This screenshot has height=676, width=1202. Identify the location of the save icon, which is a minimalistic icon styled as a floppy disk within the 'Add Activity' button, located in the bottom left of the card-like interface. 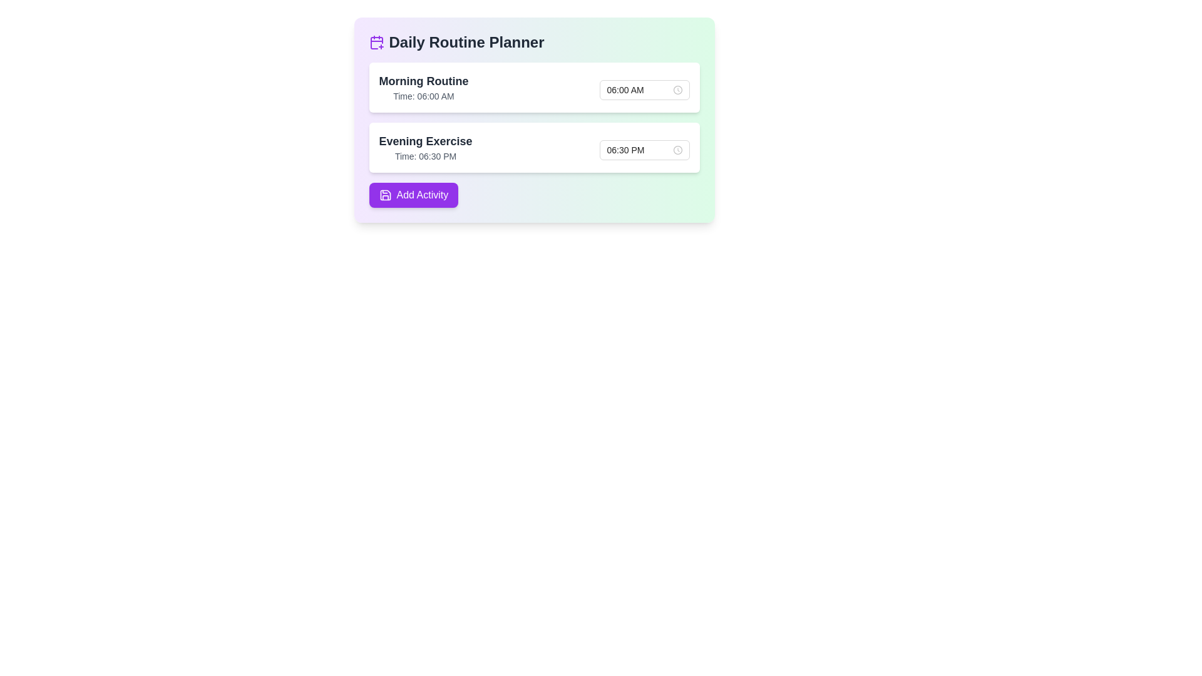
(384, 195).